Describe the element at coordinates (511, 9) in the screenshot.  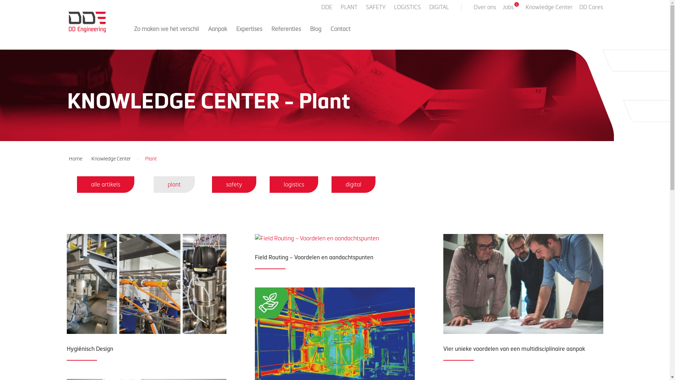
I see `'Jobs'` at that location.